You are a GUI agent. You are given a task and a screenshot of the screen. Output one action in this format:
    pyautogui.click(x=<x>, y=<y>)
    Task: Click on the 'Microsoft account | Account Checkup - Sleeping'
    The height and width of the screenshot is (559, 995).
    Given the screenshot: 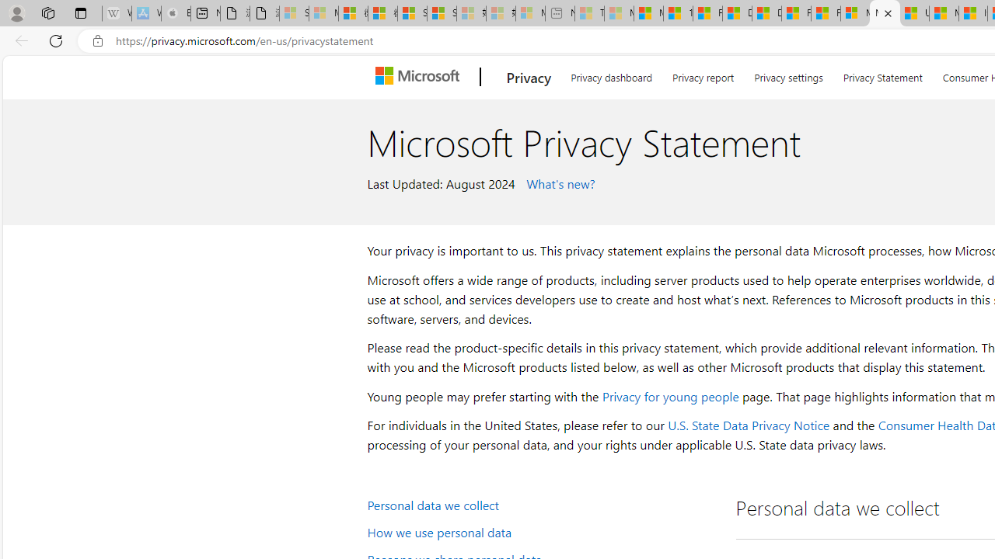 What is the action you would take?
    pyautogui.click(x=530, y=13)
    